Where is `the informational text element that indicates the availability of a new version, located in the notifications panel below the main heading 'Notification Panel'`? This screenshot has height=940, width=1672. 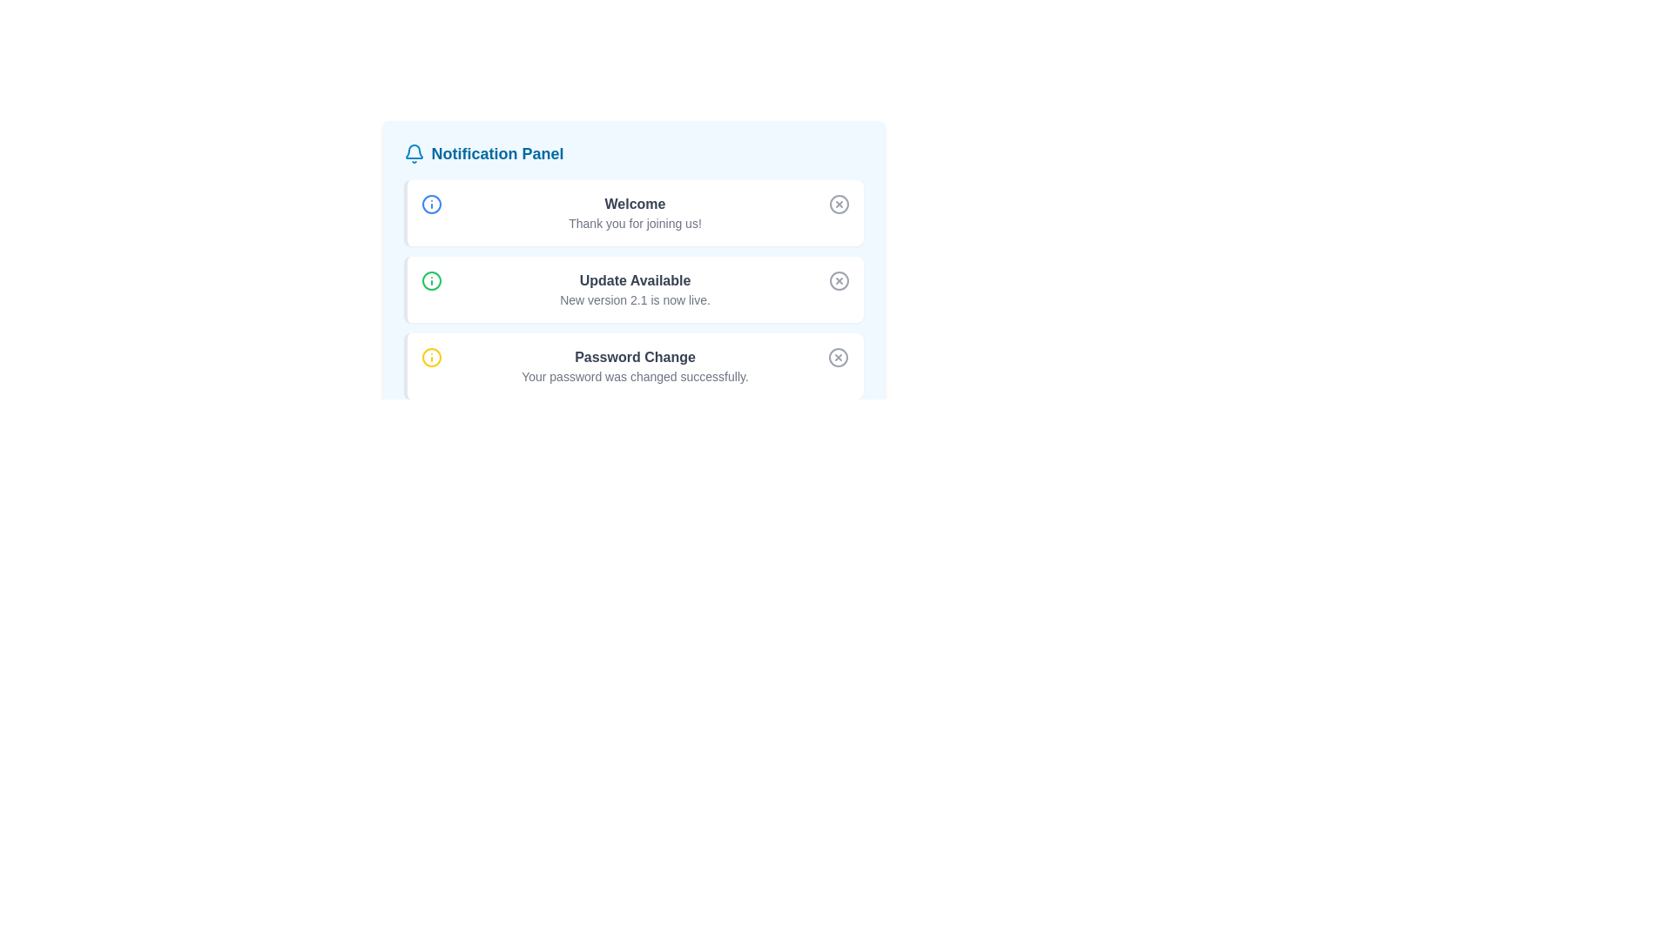
the informational text element that indicates the availability of a new version, located in the notifications panel below the main heading 'Notification Panel' is located at coordinates (634, 299).